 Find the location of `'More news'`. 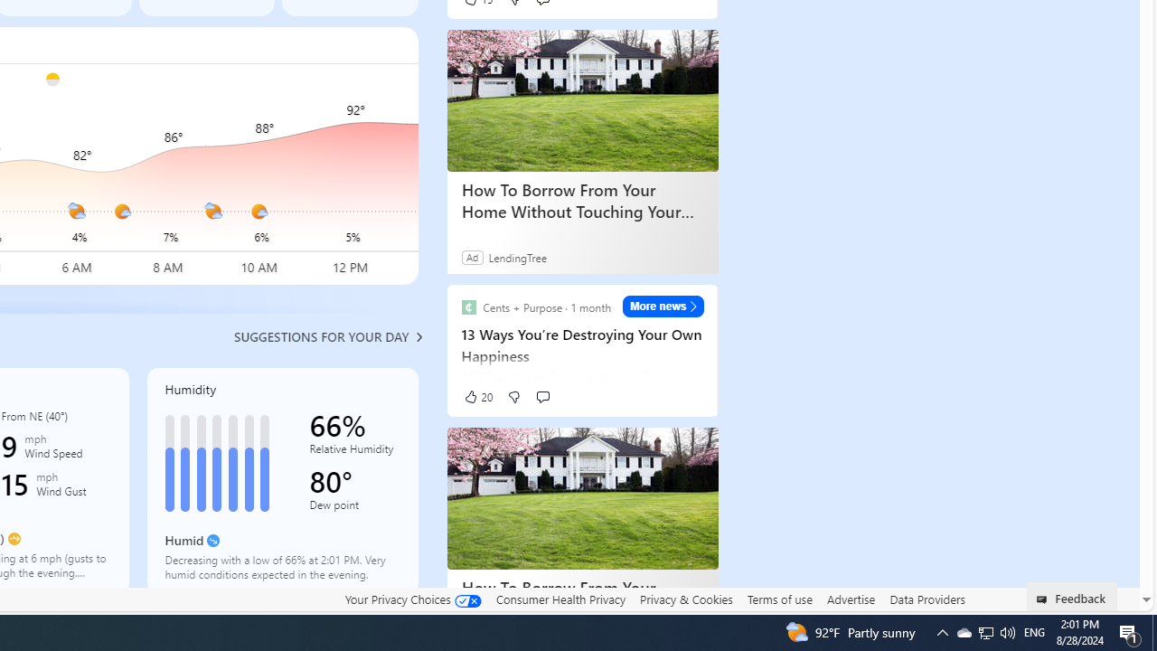

'More news' is located at coordinates (663, 306).